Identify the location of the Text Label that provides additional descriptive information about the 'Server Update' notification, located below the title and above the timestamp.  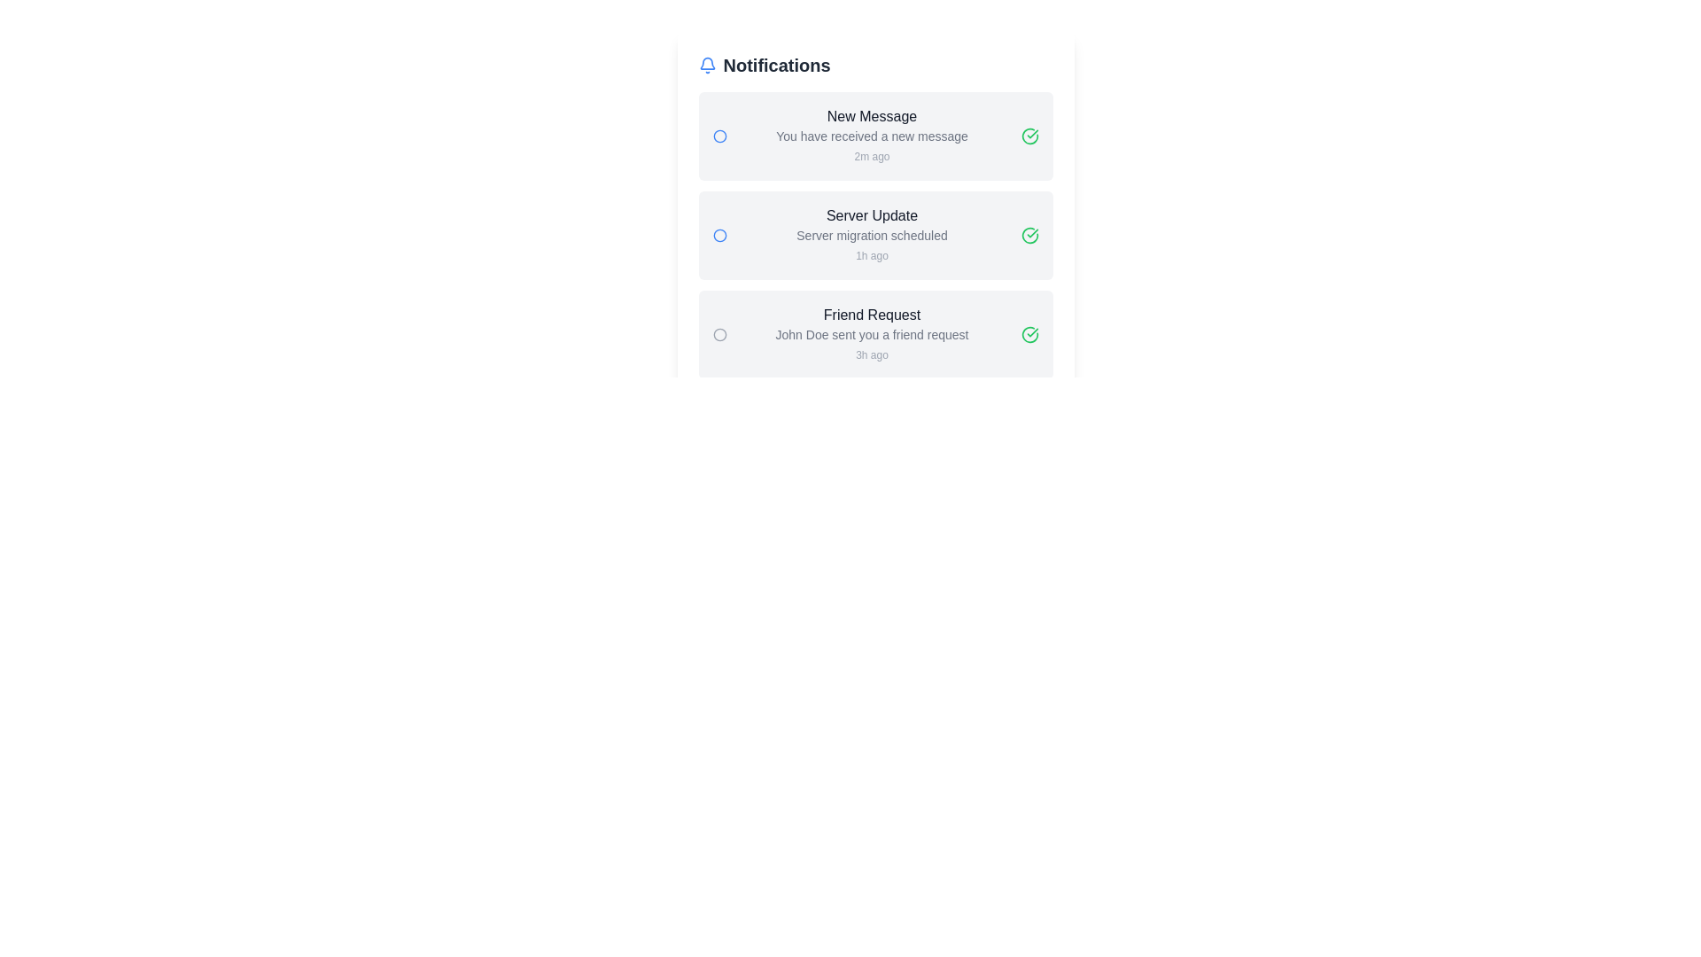
(872, 235).